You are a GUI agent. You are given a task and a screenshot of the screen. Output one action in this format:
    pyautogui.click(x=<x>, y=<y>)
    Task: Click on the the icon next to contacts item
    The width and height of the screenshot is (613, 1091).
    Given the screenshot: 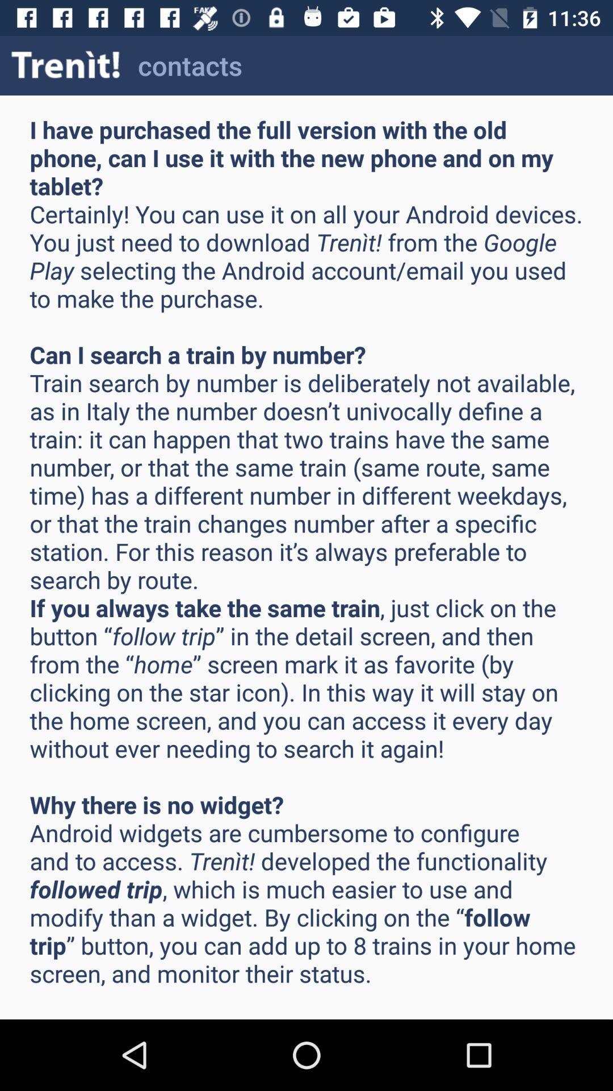 What is the action you would take?
    pyautogui.click(x=66, y=65)
    